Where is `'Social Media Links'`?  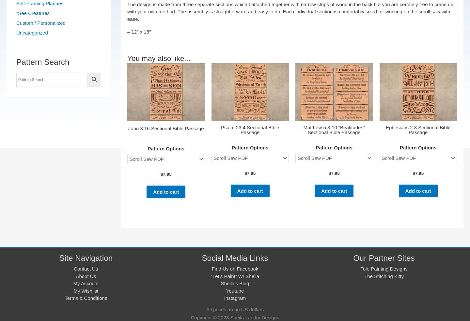 'Social Media Links' is located at coordinates (201, 258).